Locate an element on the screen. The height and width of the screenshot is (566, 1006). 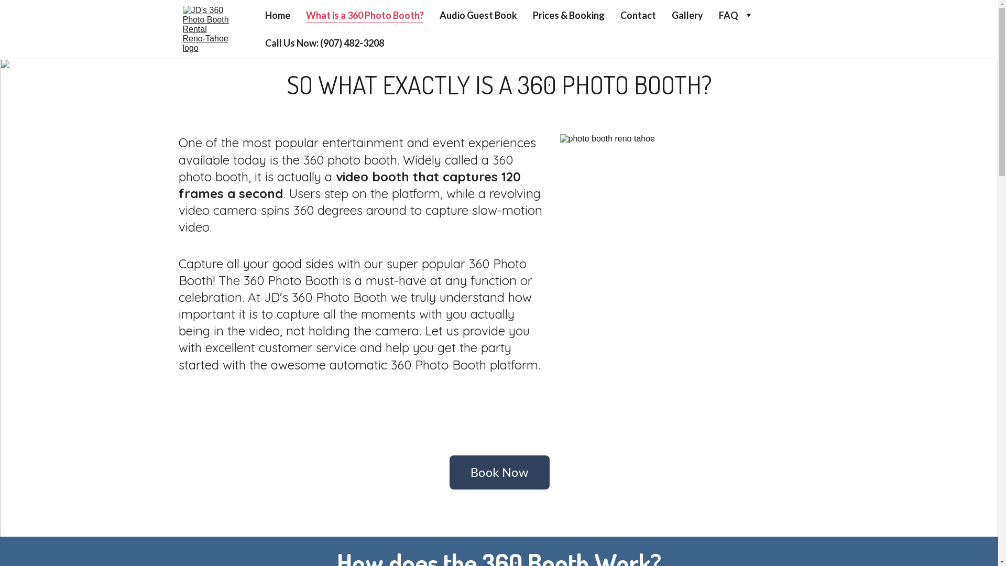
'photo booth reno tahoe' is located at coordinates (689, 264).